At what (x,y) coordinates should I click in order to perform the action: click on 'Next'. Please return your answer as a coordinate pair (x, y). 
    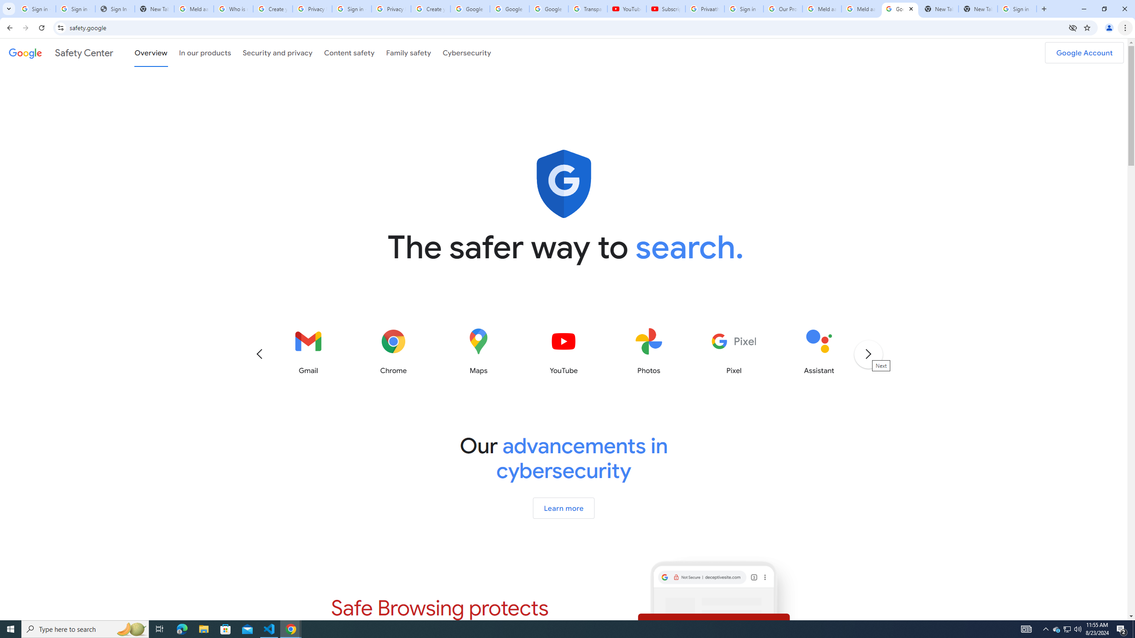
    Looking at the image, I should click on (867, 353).